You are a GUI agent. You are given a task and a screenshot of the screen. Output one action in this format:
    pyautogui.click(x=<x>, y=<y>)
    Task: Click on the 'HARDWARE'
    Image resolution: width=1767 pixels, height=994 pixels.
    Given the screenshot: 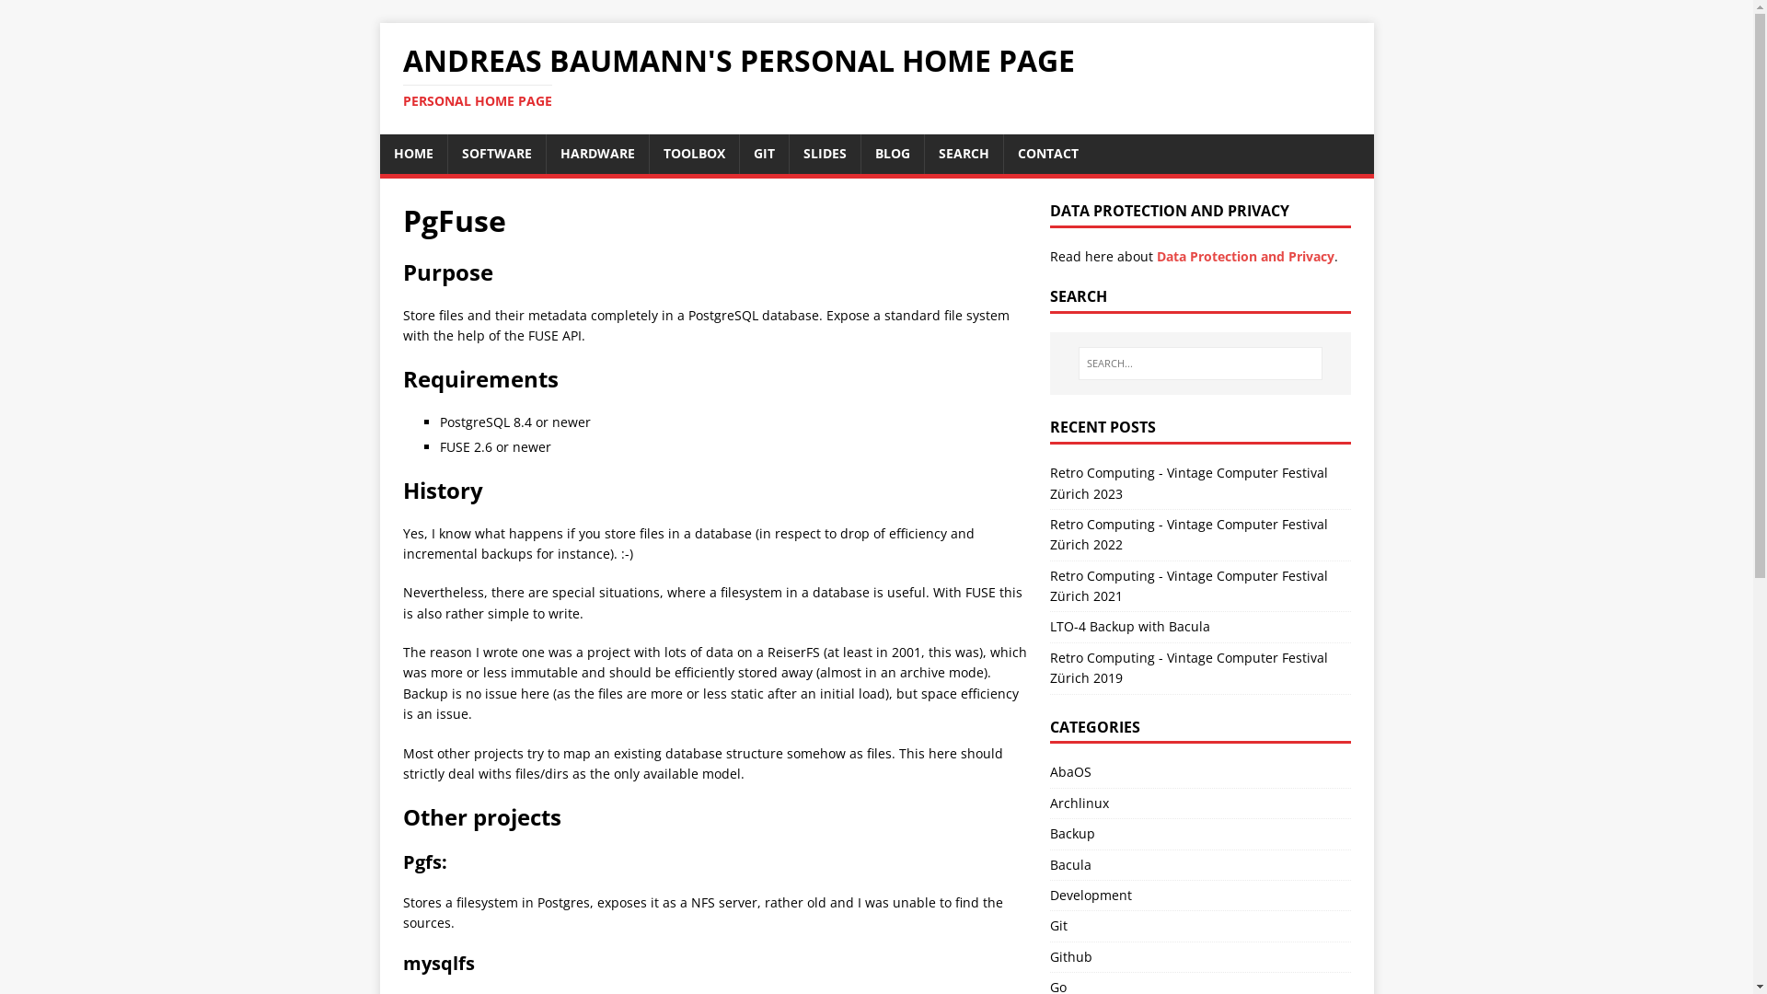 What is the action you would take?
    pyautogui.click(x=597, y=152)
    